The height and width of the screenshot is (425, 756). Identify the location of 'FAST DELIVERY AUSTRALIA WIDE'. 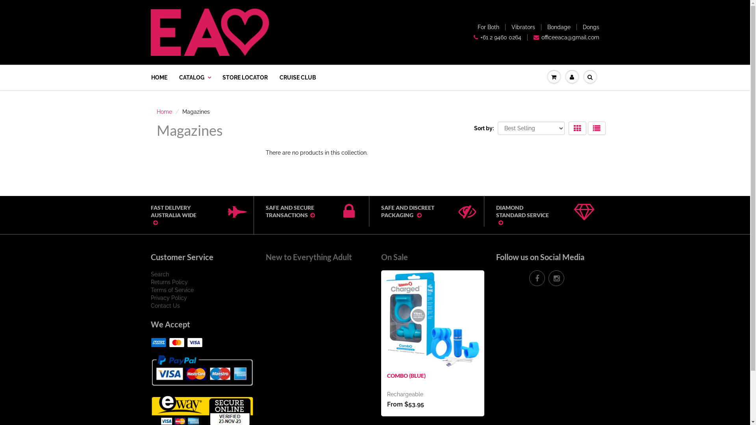
(150, 215).